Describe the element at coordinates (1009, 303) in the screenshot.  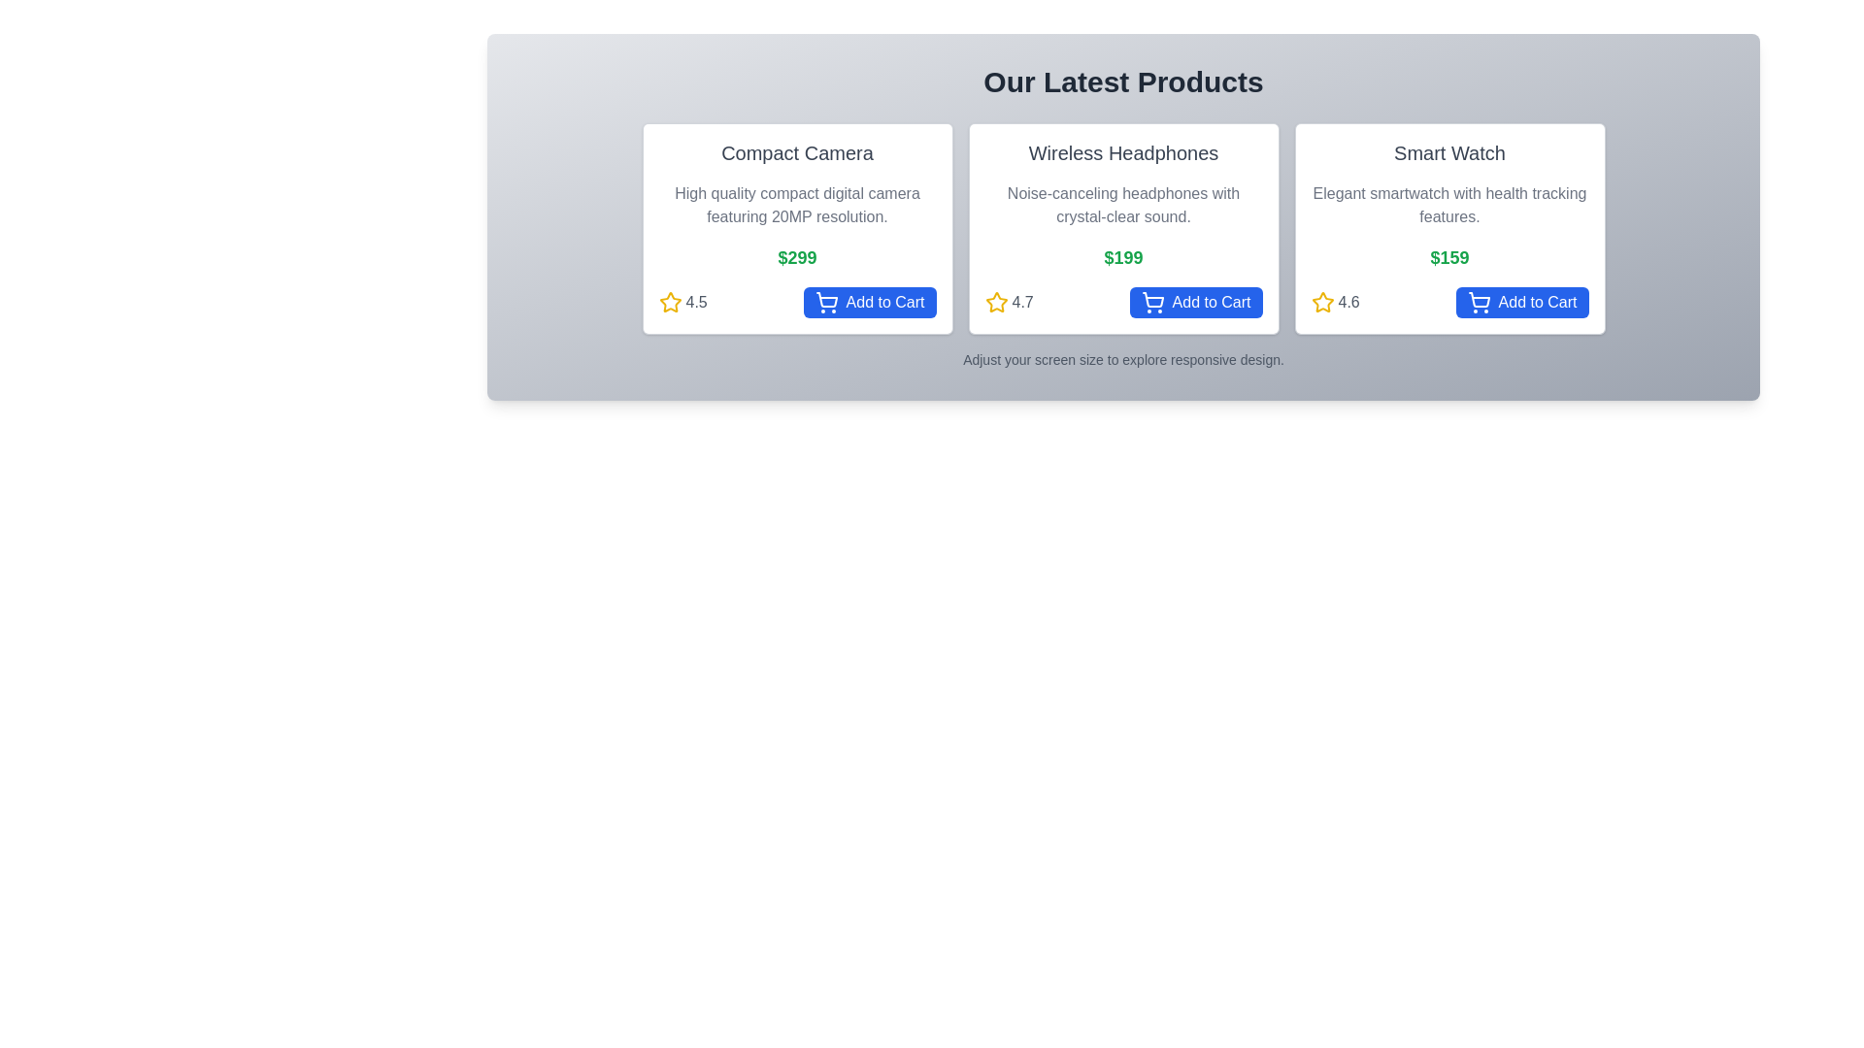
I see `the Rating display with text and an icon located under the product title 'Wireless Headphones', which is the first visible component in the middle card of a three-card layout` at that location.